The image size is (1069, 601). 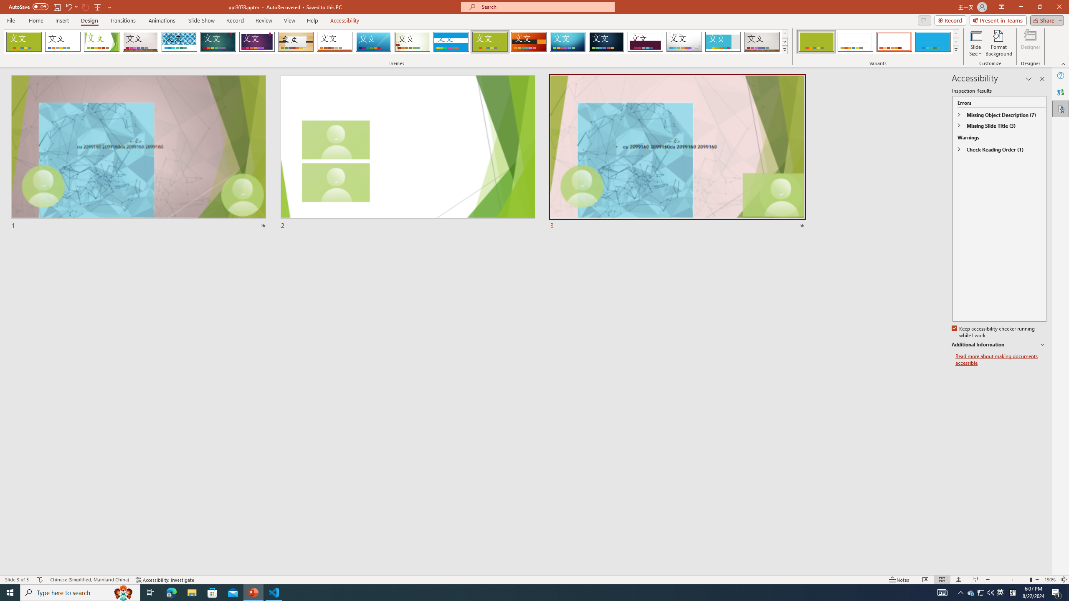 I want to click on 'Wisp', so click(x=412, y=41).